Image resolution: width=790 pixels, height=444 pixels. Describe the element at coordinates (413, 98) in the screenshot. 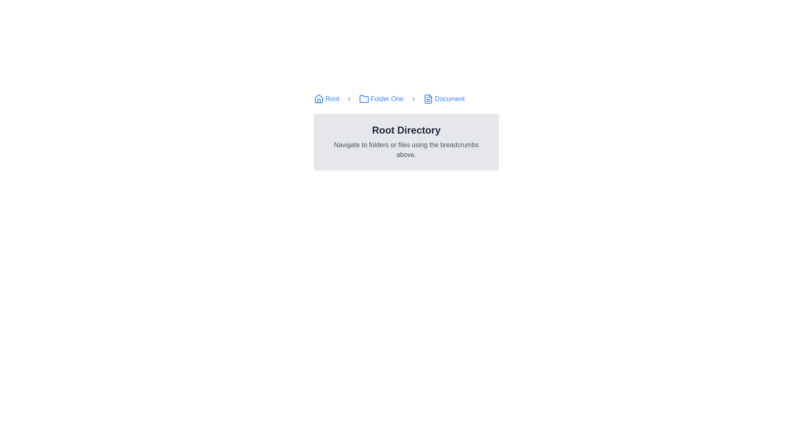

I see `the Chevron icon that visually separates breadcrumb items, positioned between 'Folder One' and 'Document' labels near the top of the page` at that location.